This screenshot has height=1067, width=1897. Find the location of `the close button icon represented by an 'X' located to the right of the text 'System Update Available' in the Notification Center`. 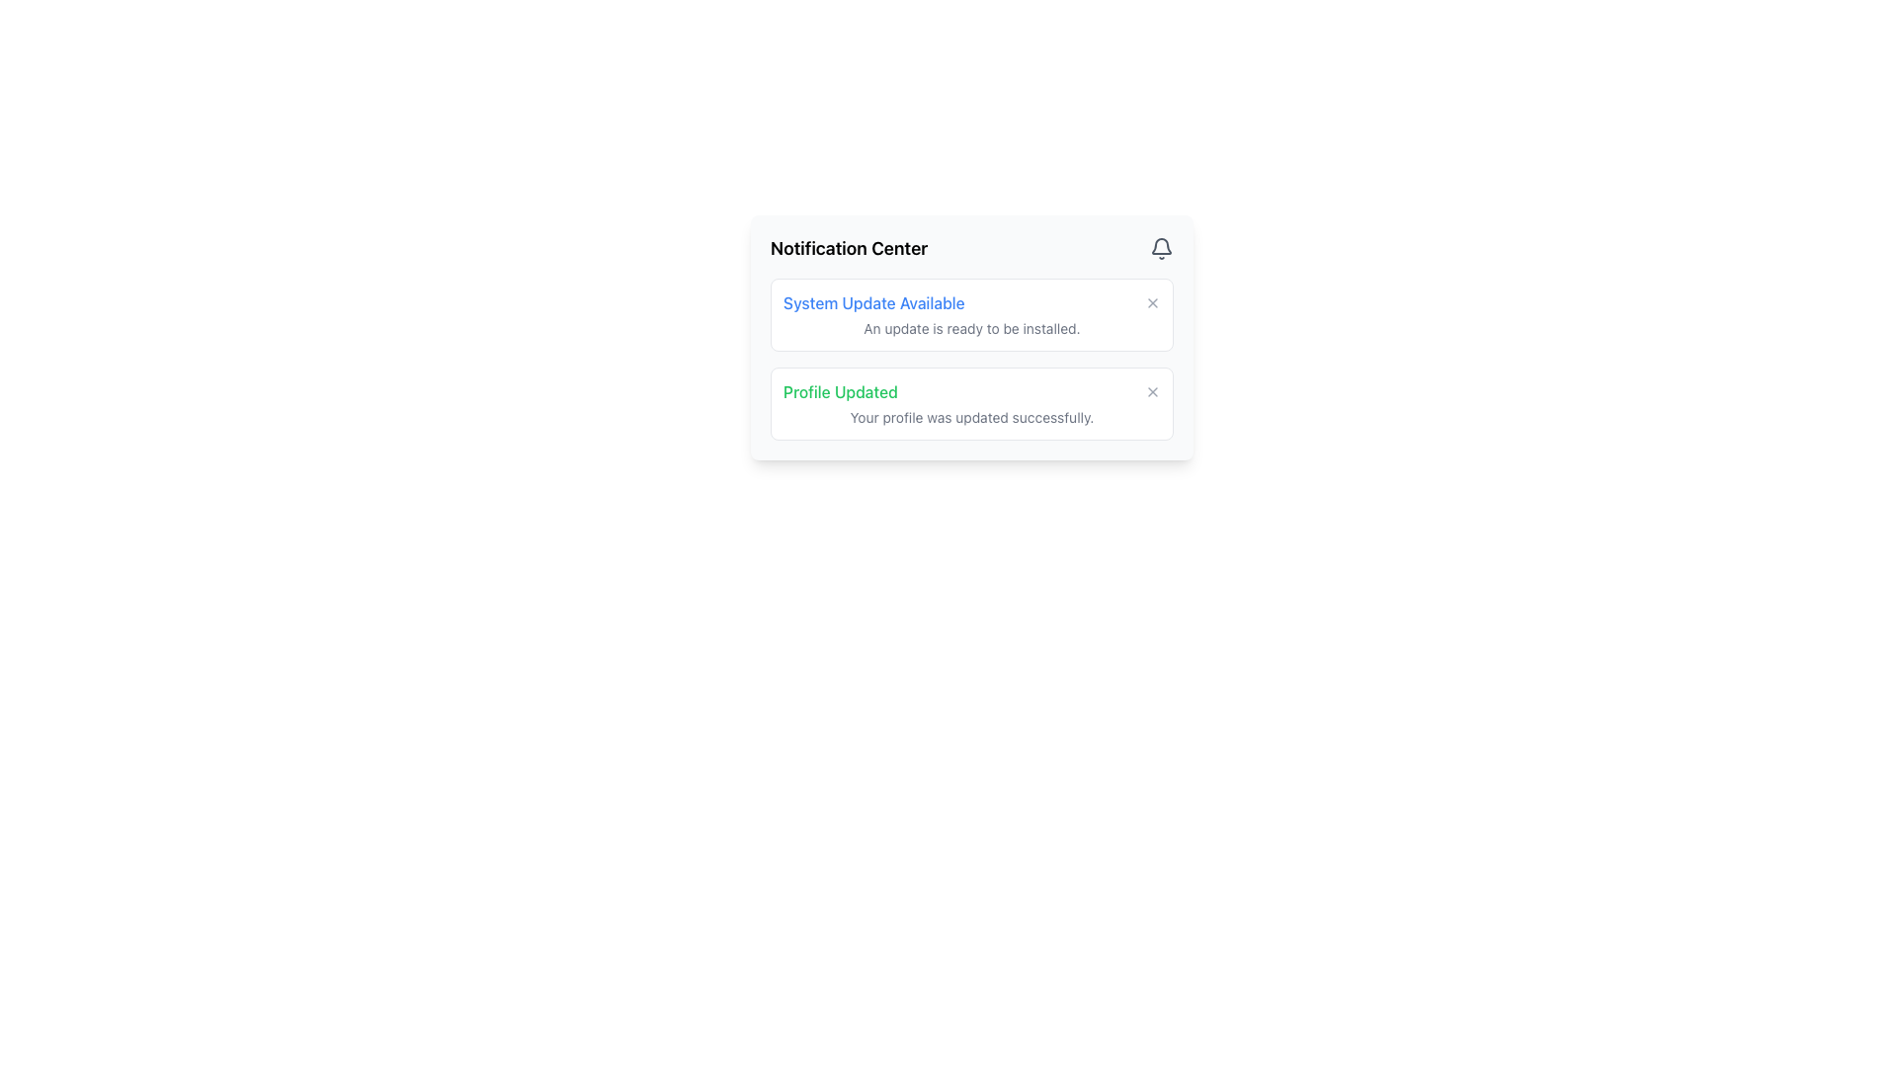

the close button icon represented by an 'X' located to the right of the text 'System Update Available' in the Notification Center is located at coordinates (1152, 303).